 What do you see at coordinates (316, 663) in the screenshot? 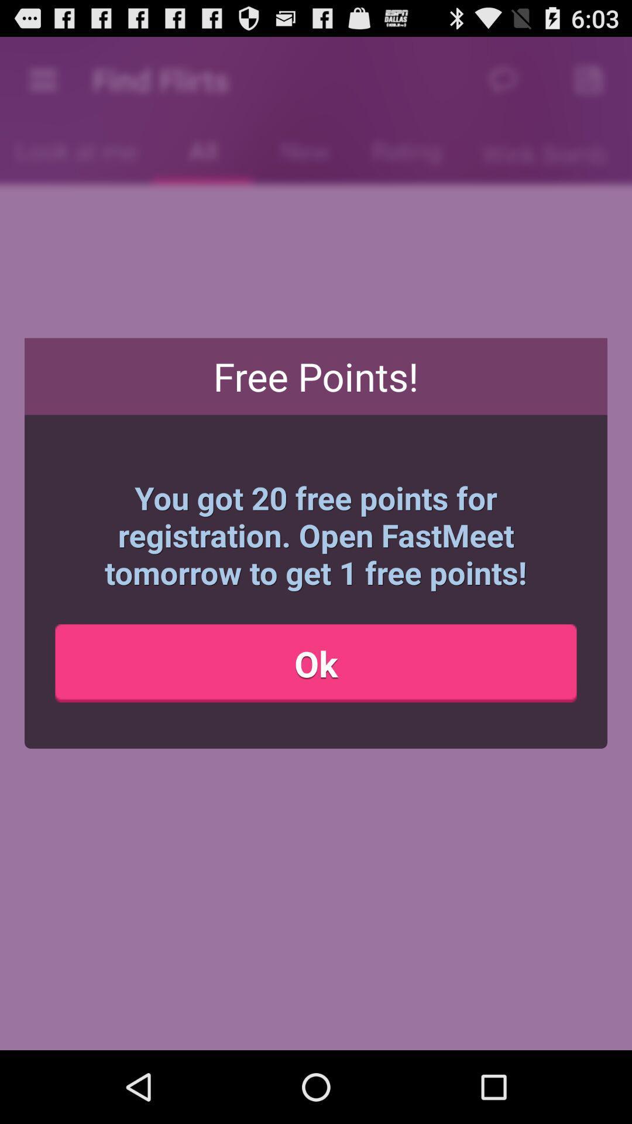
I see `the ok` at bounding box center [316, 663].